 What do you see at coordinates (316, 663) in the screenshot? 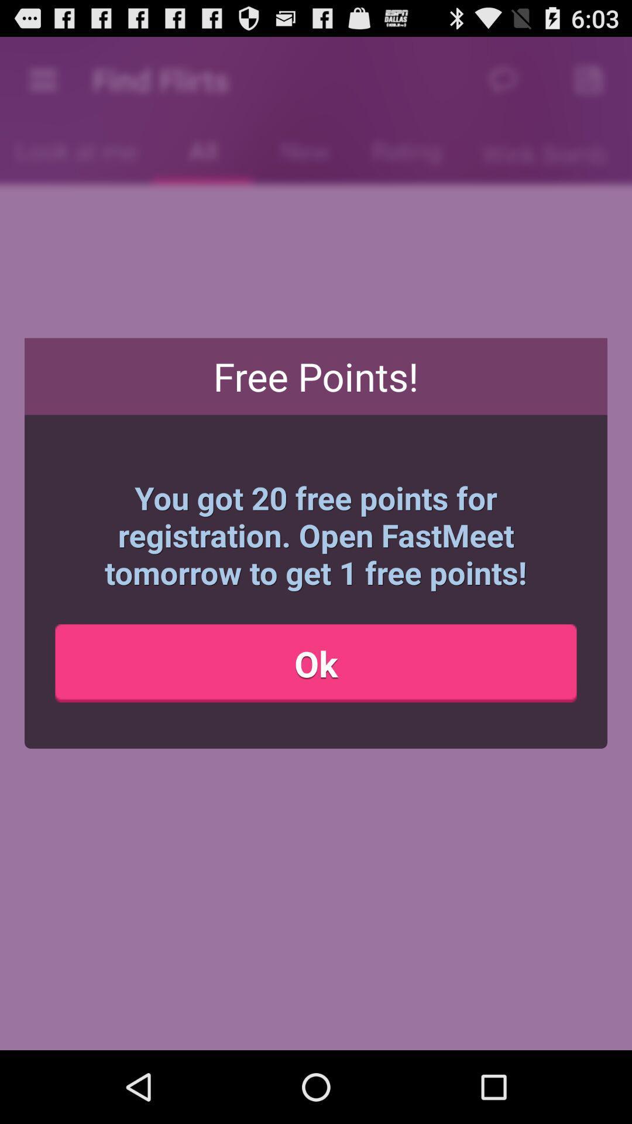
I see `the ok` at bounding box center [316, 663].